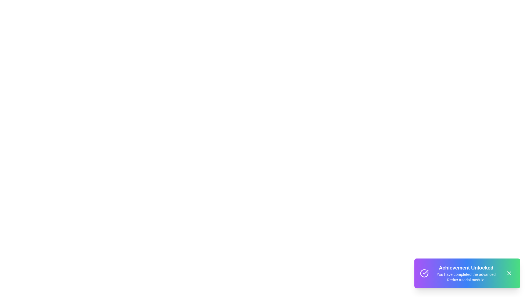 Image resolution: width=529 pixels, height=297 pixels. Describe the element at coordinates (424, 273) in the screenshot. I see `the icon within the snackbar component` at that location.